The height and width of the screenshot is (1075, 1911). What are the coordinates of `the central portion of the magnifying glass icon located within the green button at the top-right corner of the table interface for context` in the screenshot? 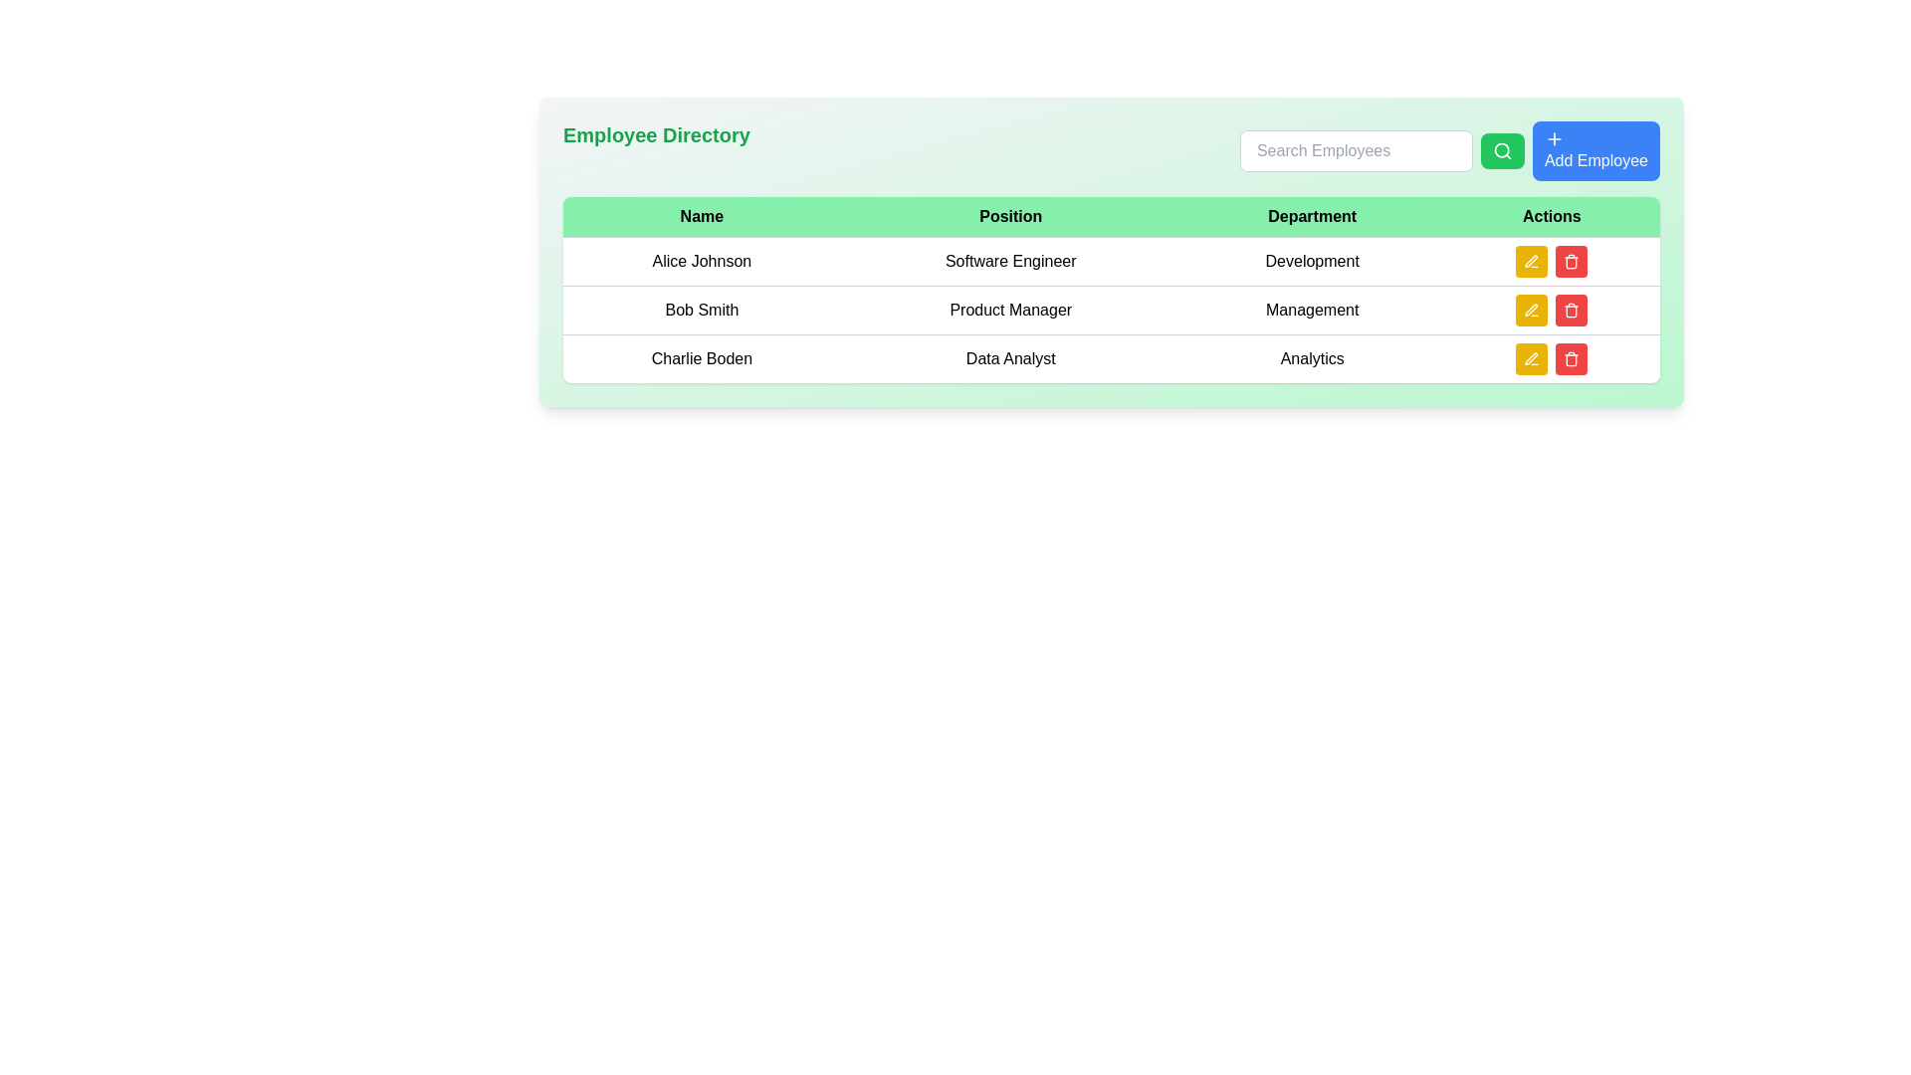 It's located at (1502, 149).